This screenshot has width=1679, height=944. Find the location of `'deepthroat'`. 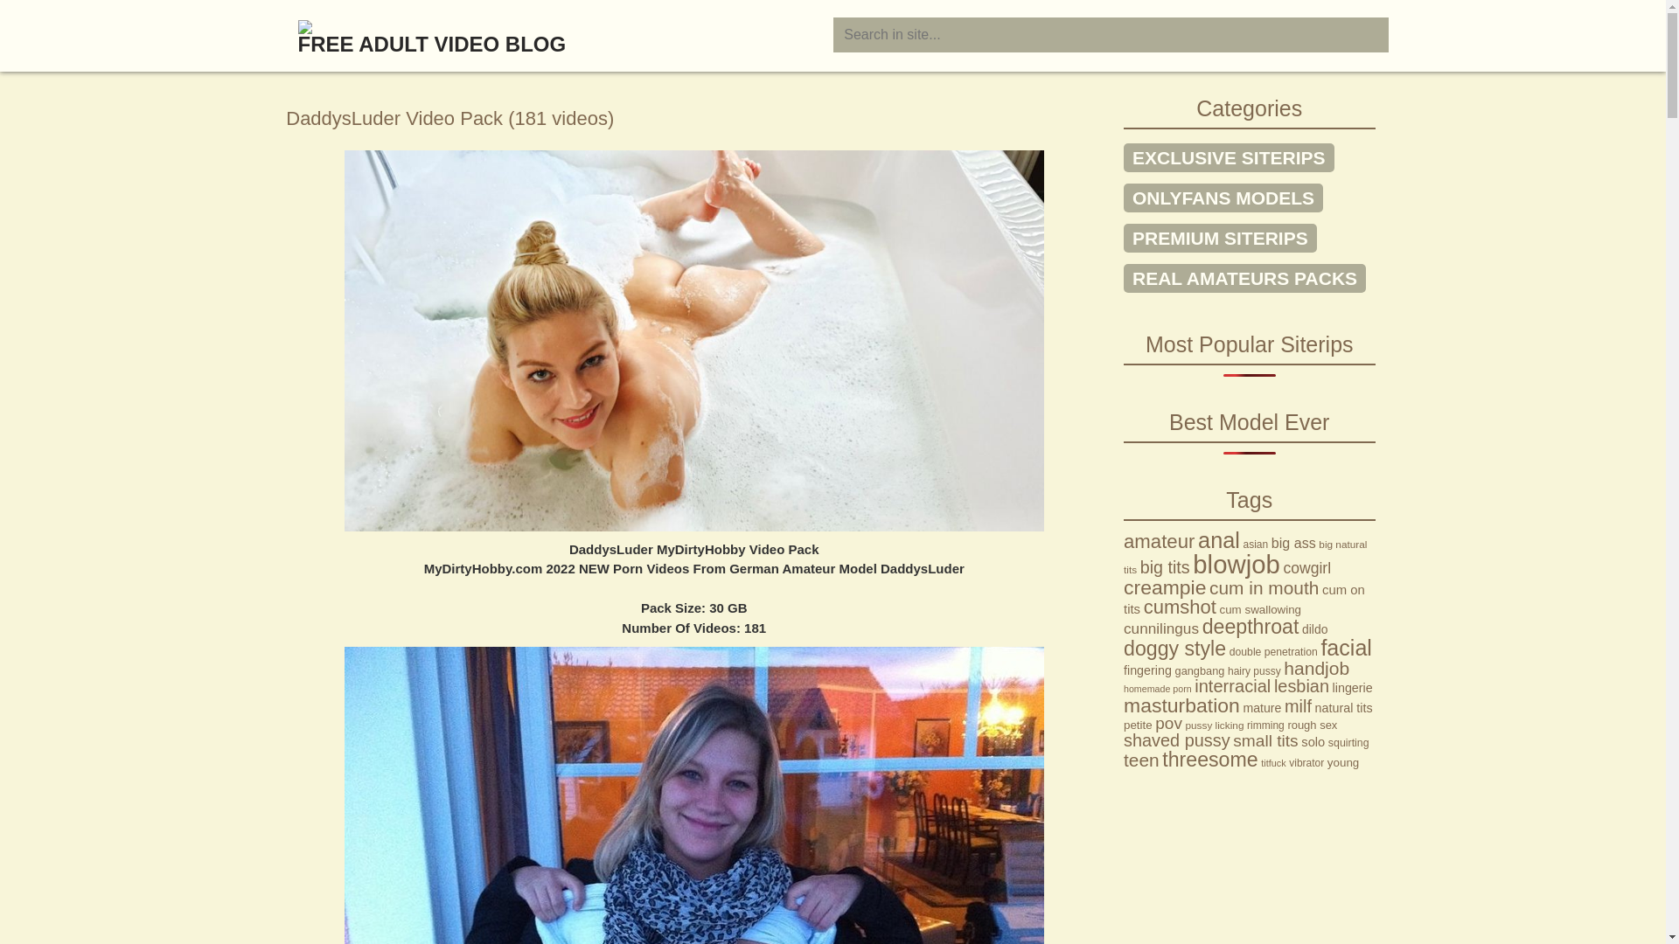

'deepthroat' is located at coordinates (1250, 626).